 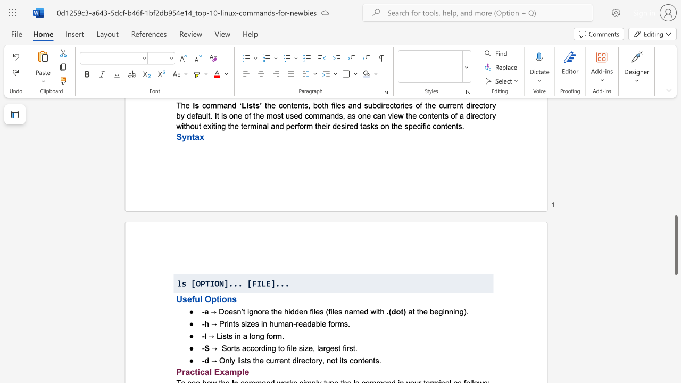 I want to click on the scrollbar to scroll upward, so click(x=675, y=149).